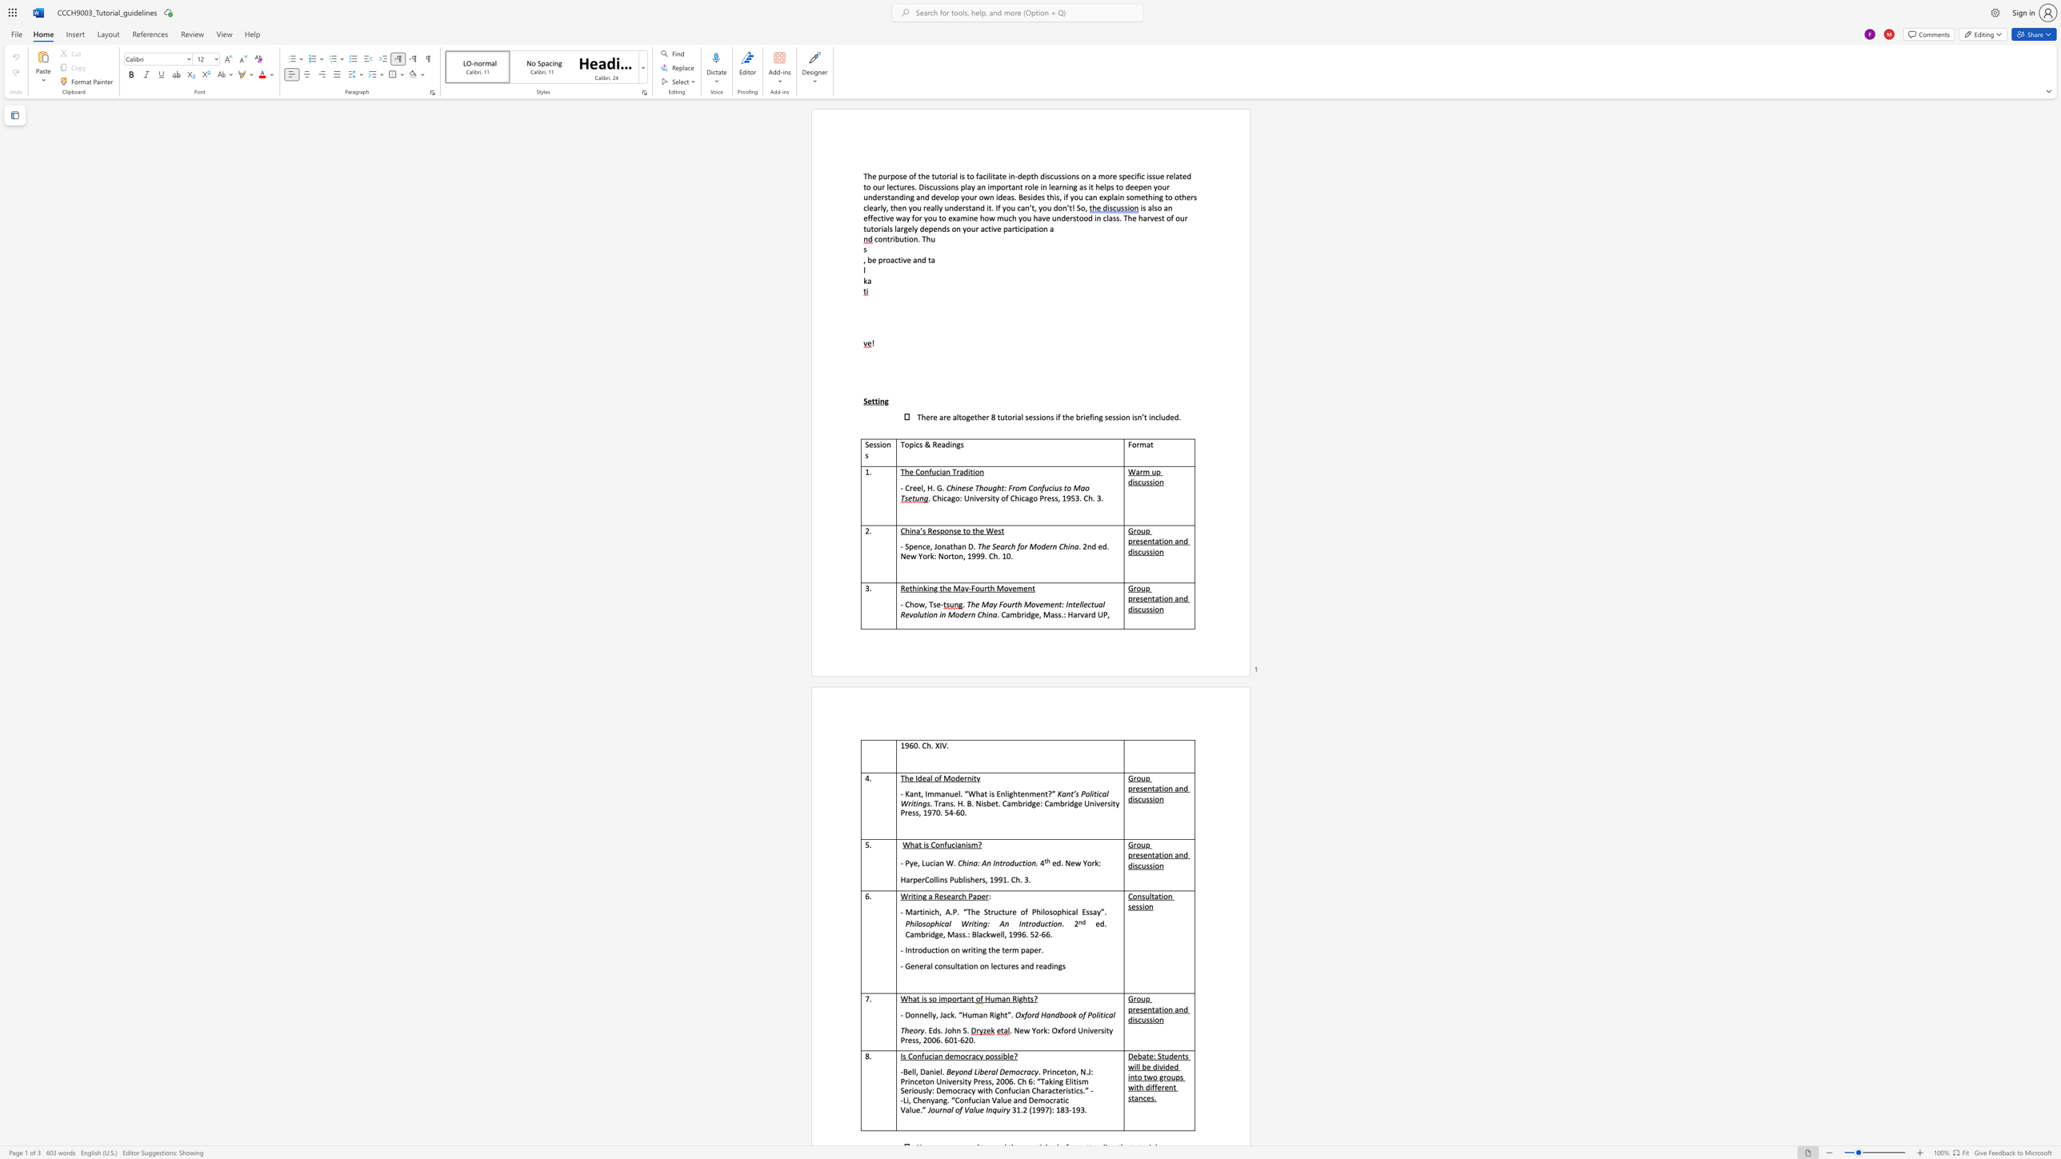 The image size is (2061, 1159). I want to click on the subset text "s.” --Li, Chenyang. “" within the text "Seriously: Democracy with Confucian Characteristics.” --Li, Chenyang. “Confucian Value and Democratic Value.”", so click(1079, 1089).